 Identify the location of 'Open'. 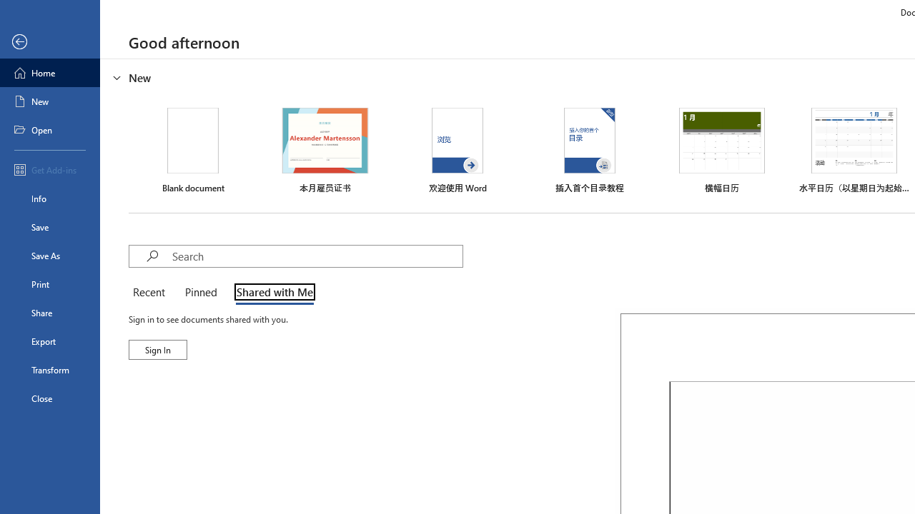
(49, 130).